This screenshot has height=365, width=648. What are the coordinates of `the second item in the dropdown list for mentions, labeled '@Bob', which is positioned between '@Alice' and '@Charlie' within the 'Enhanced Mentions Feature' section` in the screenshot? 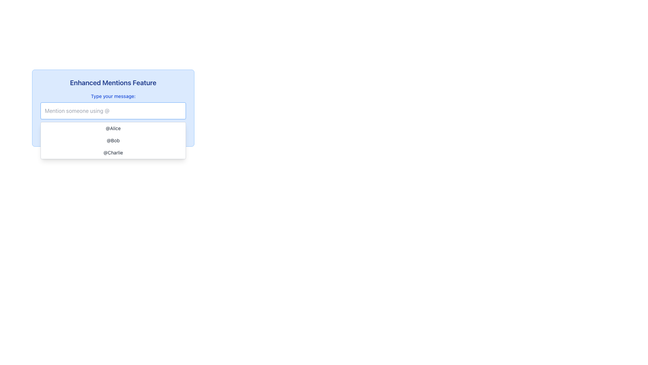 It's located at (113, 140).